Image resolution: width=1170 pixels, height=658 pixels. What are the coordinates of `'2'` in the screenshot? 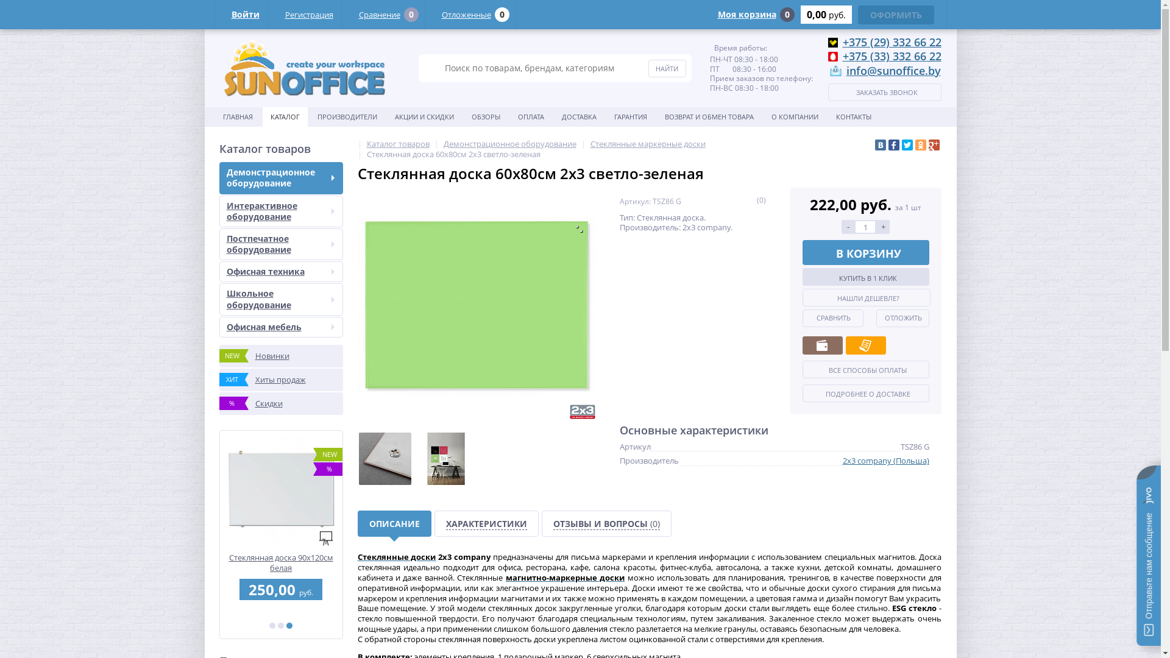 It's located at (280, 625).